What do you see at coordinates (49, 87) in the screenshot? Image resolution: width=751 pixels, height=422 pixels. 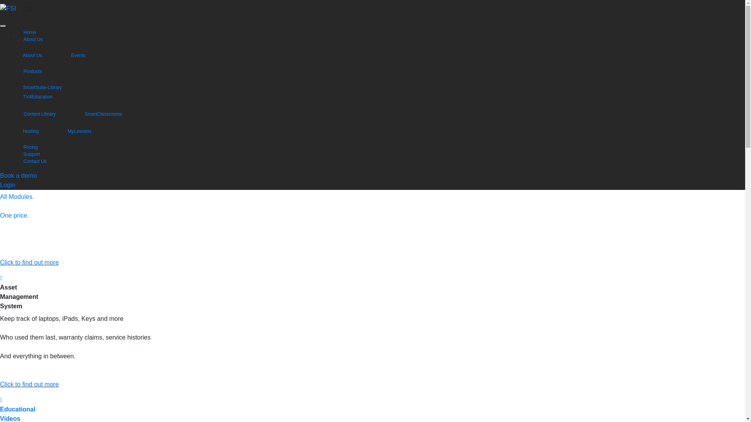 I see `'SmartSuite-Library'` at bounding box center [49, 87].